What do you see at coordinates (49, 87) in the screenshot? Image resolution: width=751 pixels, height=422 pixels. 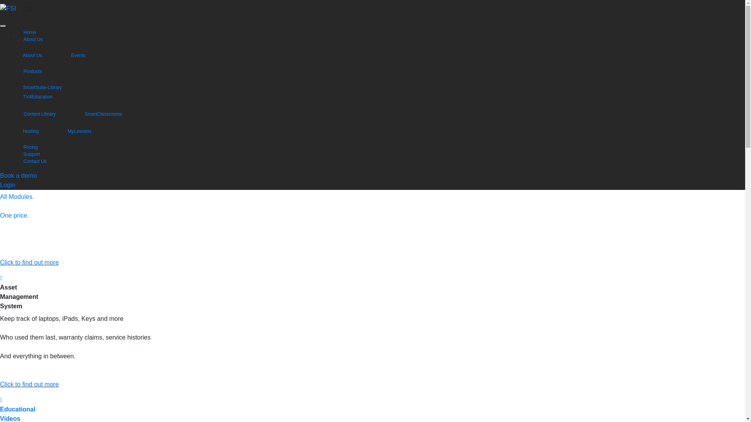 I see `'SmartSuite-Library'` at bounding box center [49, 87].